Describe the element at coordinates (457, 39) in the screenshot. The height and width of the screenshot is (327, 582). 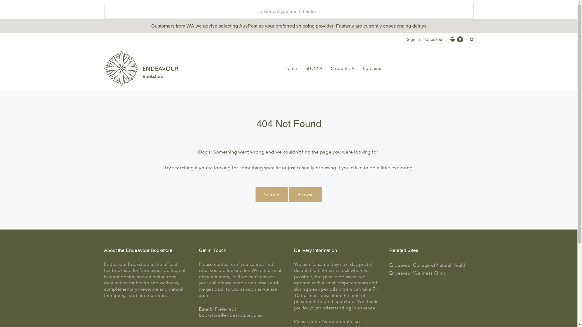
I see `'0'` at that location.